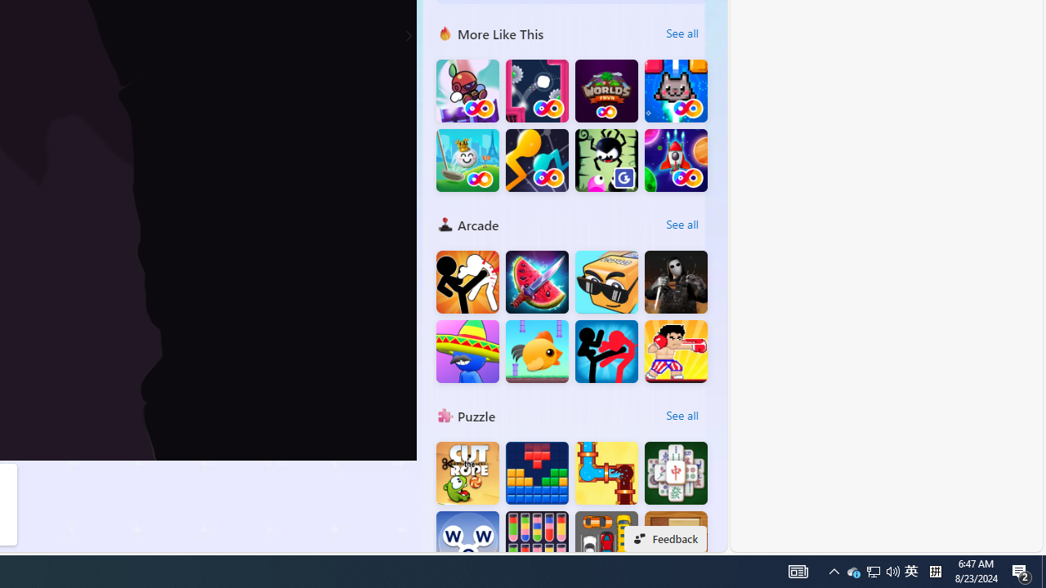 The width and height of the screenshot is (1046, 588). What do you see at coordinates (676, 281) in the screenshot?
I see `'Hunter Hitman'` at bounding box center [676, 281].